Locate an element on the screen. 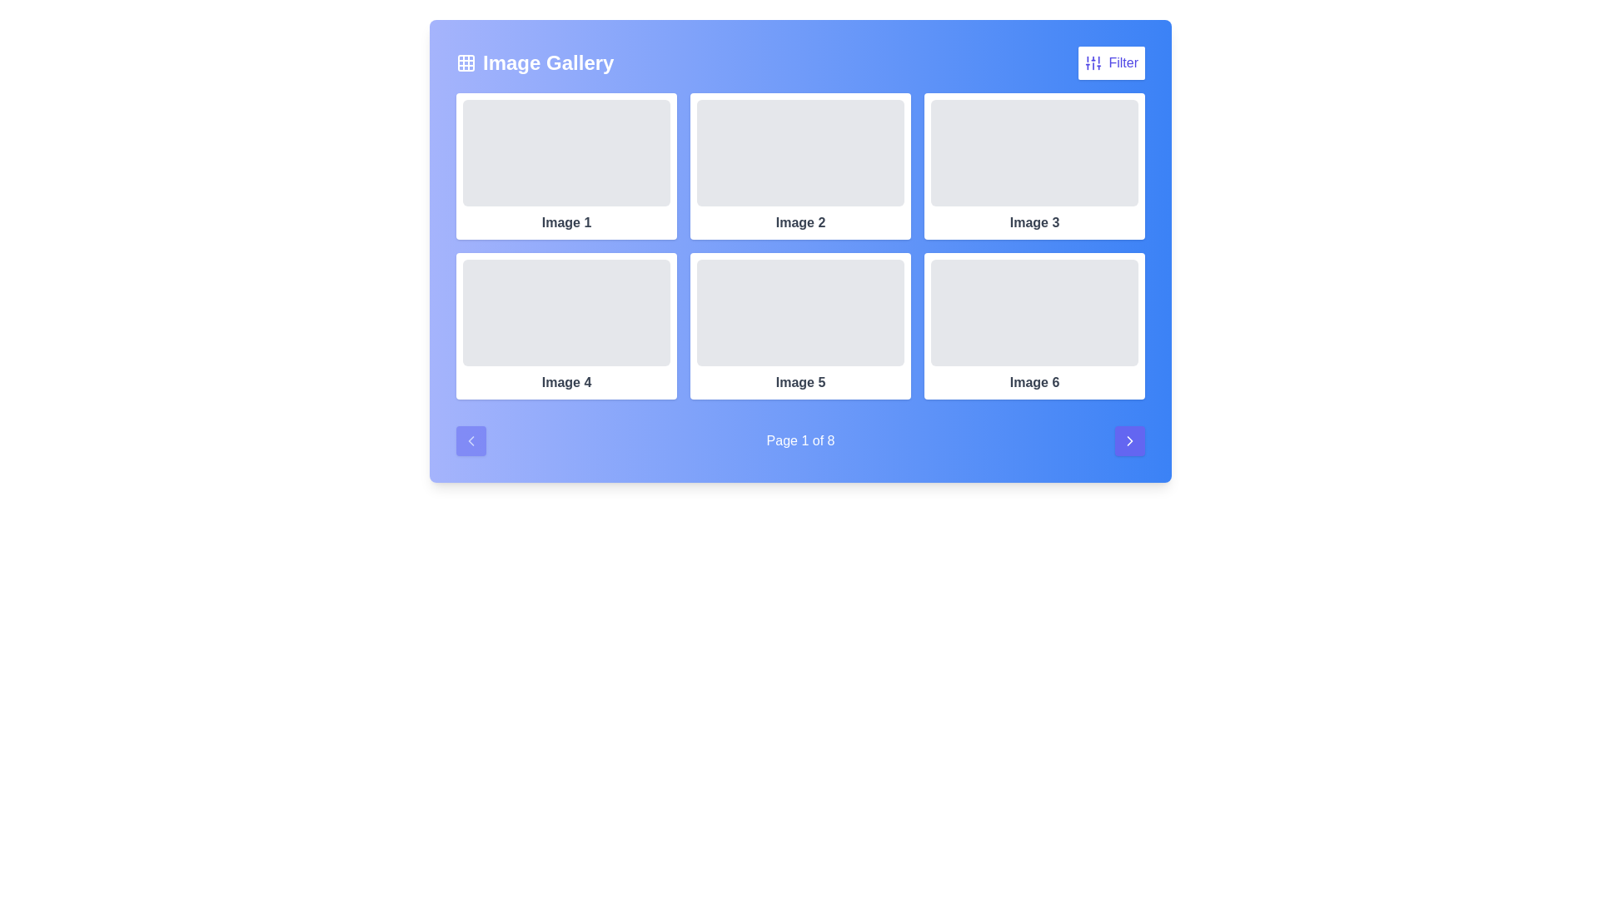  the text label displaying 'Image 1', which is centered horizontally in a dark gray font against a white background is located at coordinates (566, 221).